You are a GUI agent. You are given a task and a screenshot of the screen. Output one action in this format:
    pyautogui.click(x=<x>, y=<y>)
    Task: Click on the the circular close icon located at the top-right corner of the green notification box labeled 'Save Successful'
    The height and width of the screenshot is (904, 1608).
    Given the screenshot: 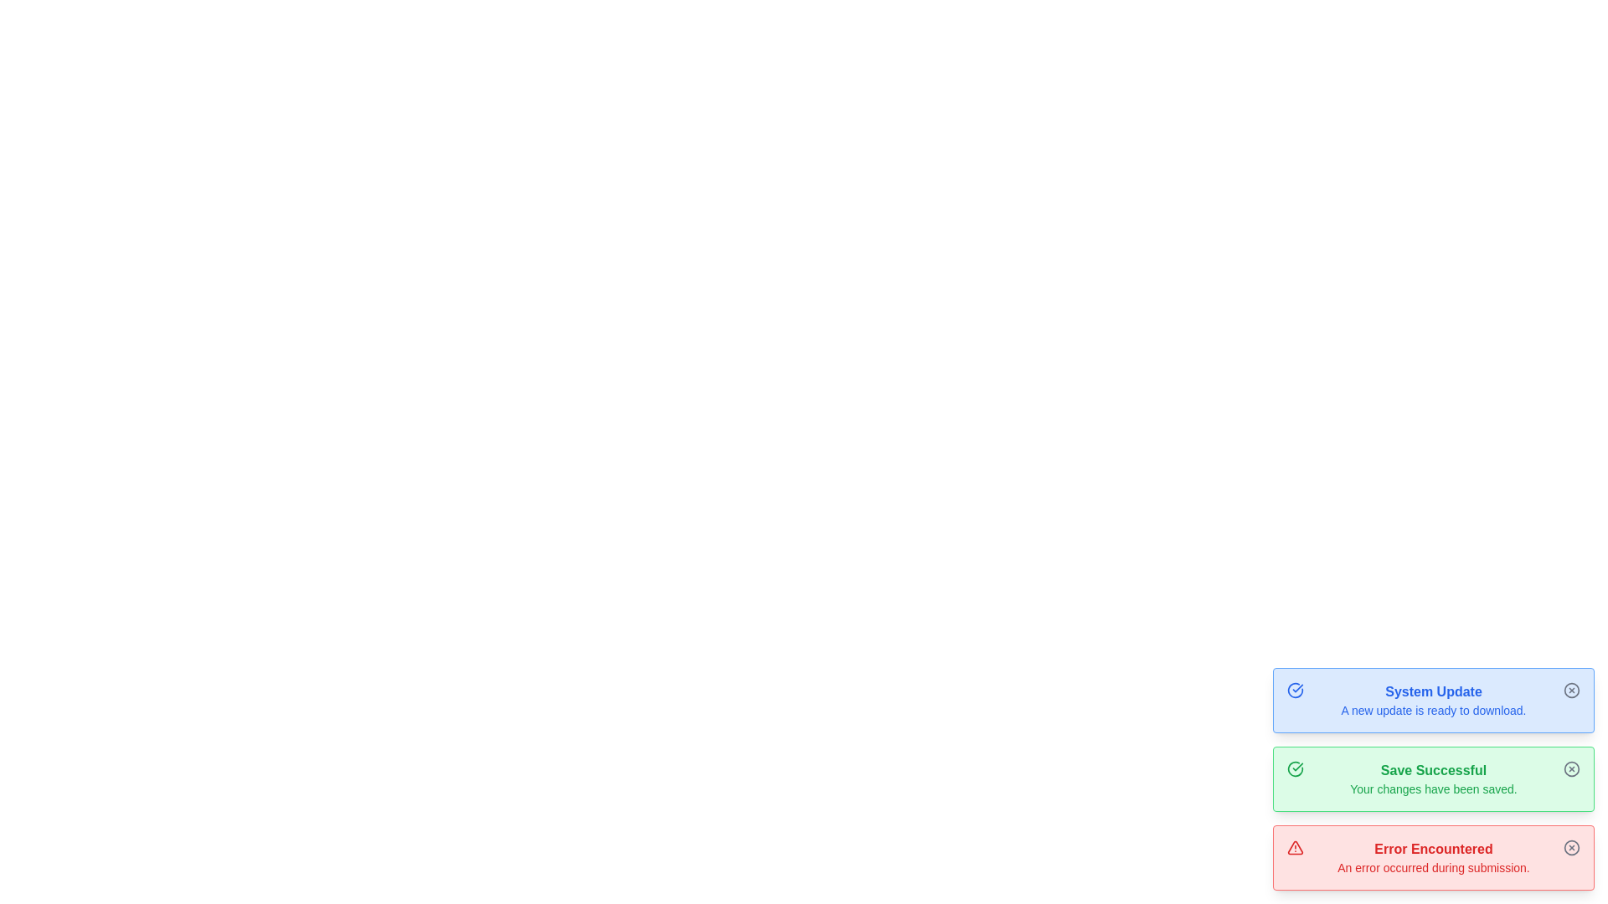 What is the action you would take?
    pyautogui.click(x=1570, y=768)
    